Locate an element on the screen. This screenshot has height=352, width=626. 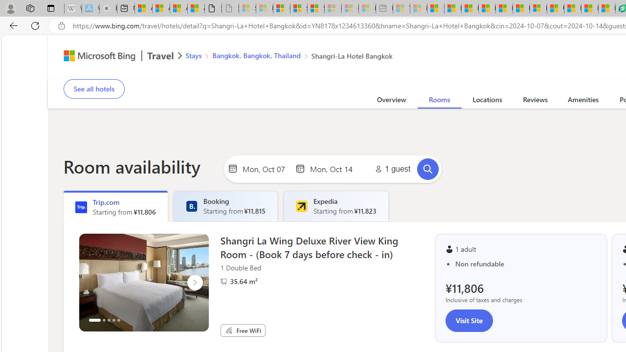
'Click to scroll right' is located at coordinates (195, 283).